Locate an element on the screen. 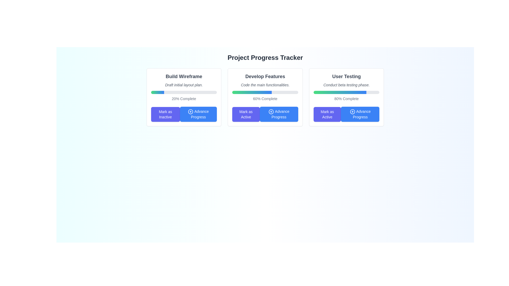 This screenshot has width=509, height=286. the 'User Testing' title text component, which is styled in bold and large font, displayed in dark gray at the top of the third card in a group of horizontally-aligned cards is located at coordinates (346, 77).